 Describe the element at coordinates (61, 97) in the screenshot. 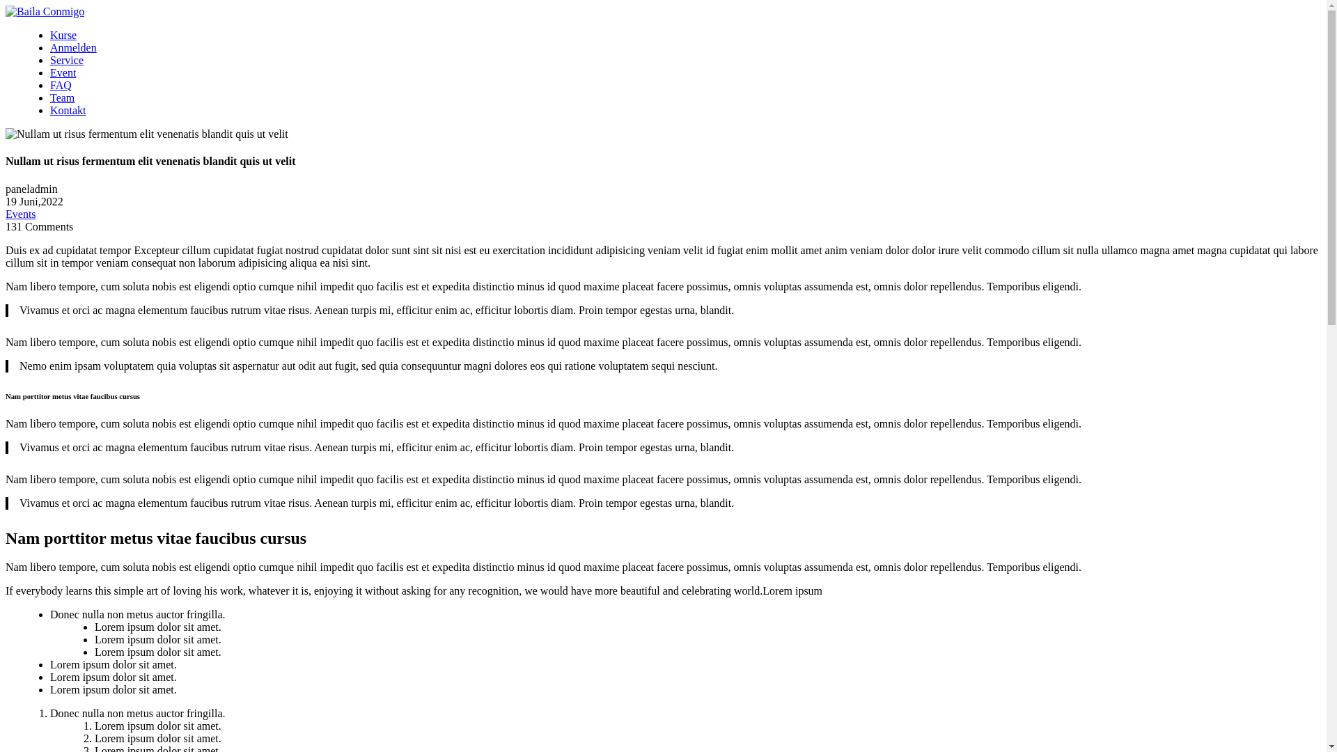

I see `'Team'` at that location.